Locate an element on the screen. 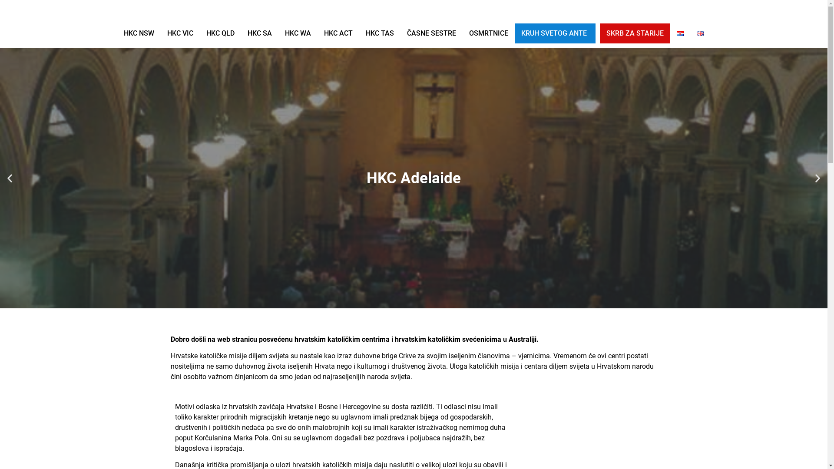 The height and width of the screenshot is (469, 834). 'HKC Adelaide' is located at coordinates (413, 177).